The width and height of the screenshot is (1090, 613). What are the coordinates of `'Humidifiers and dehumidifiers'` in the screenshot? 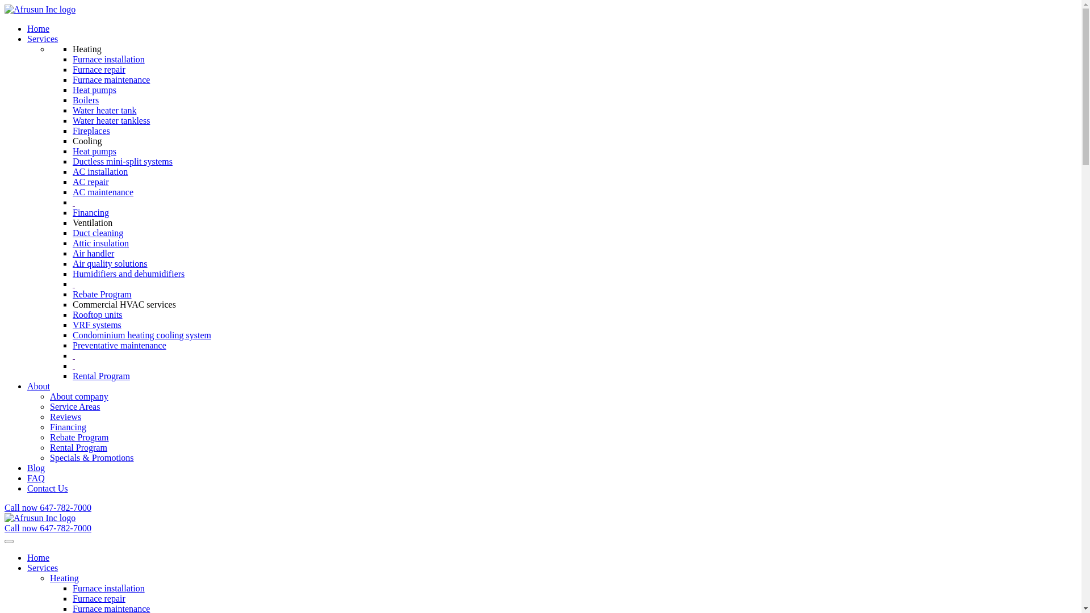 It's located at (128, 274).